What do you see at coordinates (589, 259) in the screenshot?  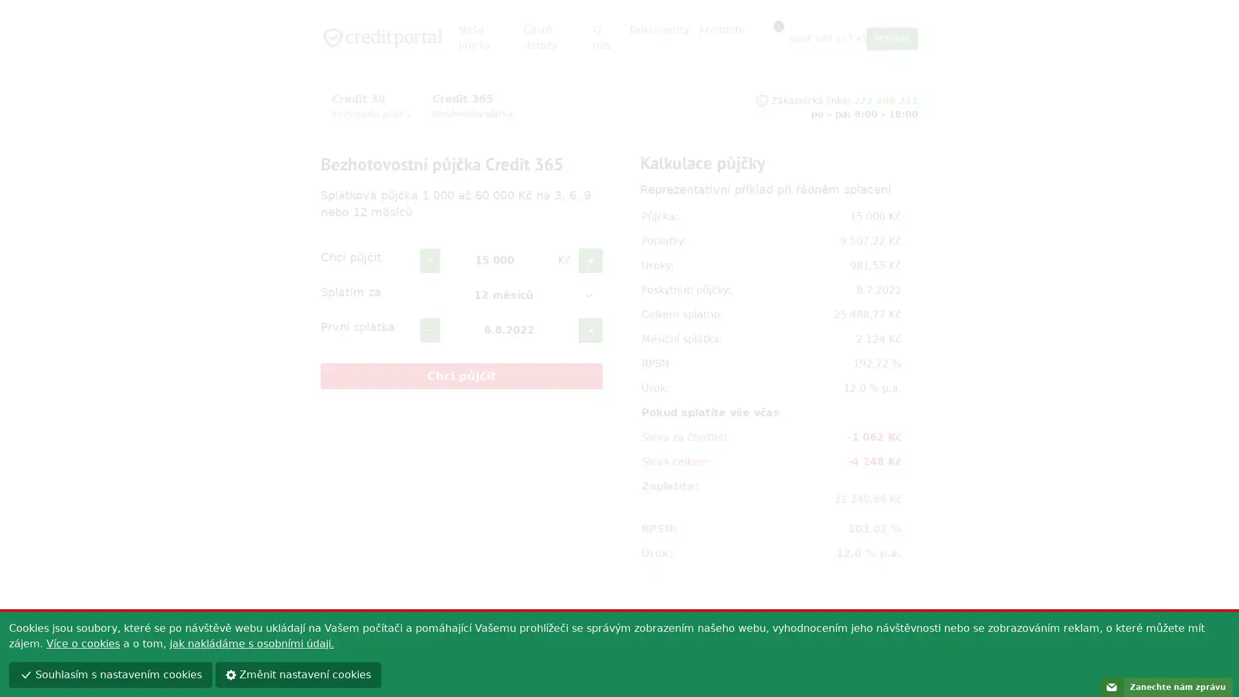 I see `+` at bounding box center [589, 259].